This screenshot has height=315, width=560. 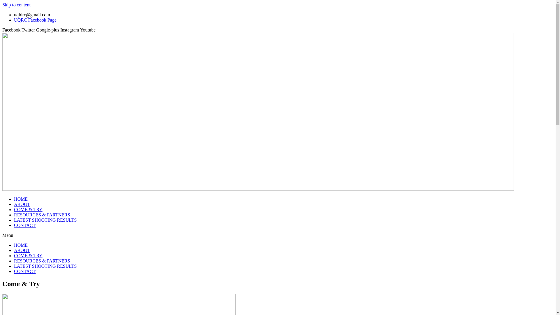 What do you see at coordinates (24, 225) in the screenshot?
I see `'CONTACT'` at bounding box center [24, 225].